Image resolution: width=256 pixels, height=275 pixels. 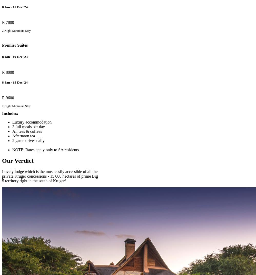 What do you see at coordinates (45, 149) in the screenshot?
I see `'NOTE: Rates apply only to SA residents'` at bounding box center [45, 149].